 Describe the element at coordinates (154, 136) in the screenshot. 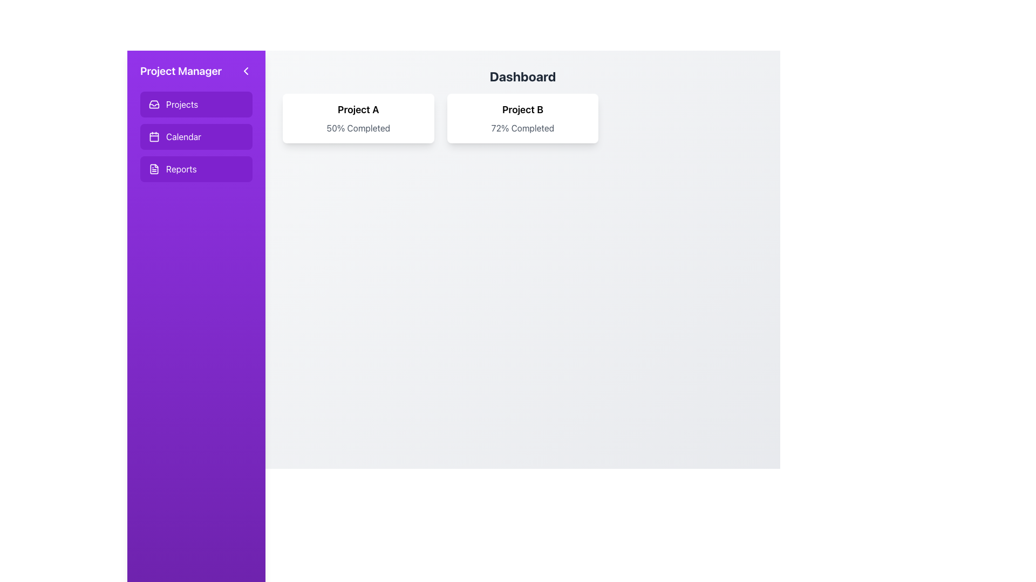

I see `the calendar icon located in the second item of the vertically aligned sidebar menu` at that location.